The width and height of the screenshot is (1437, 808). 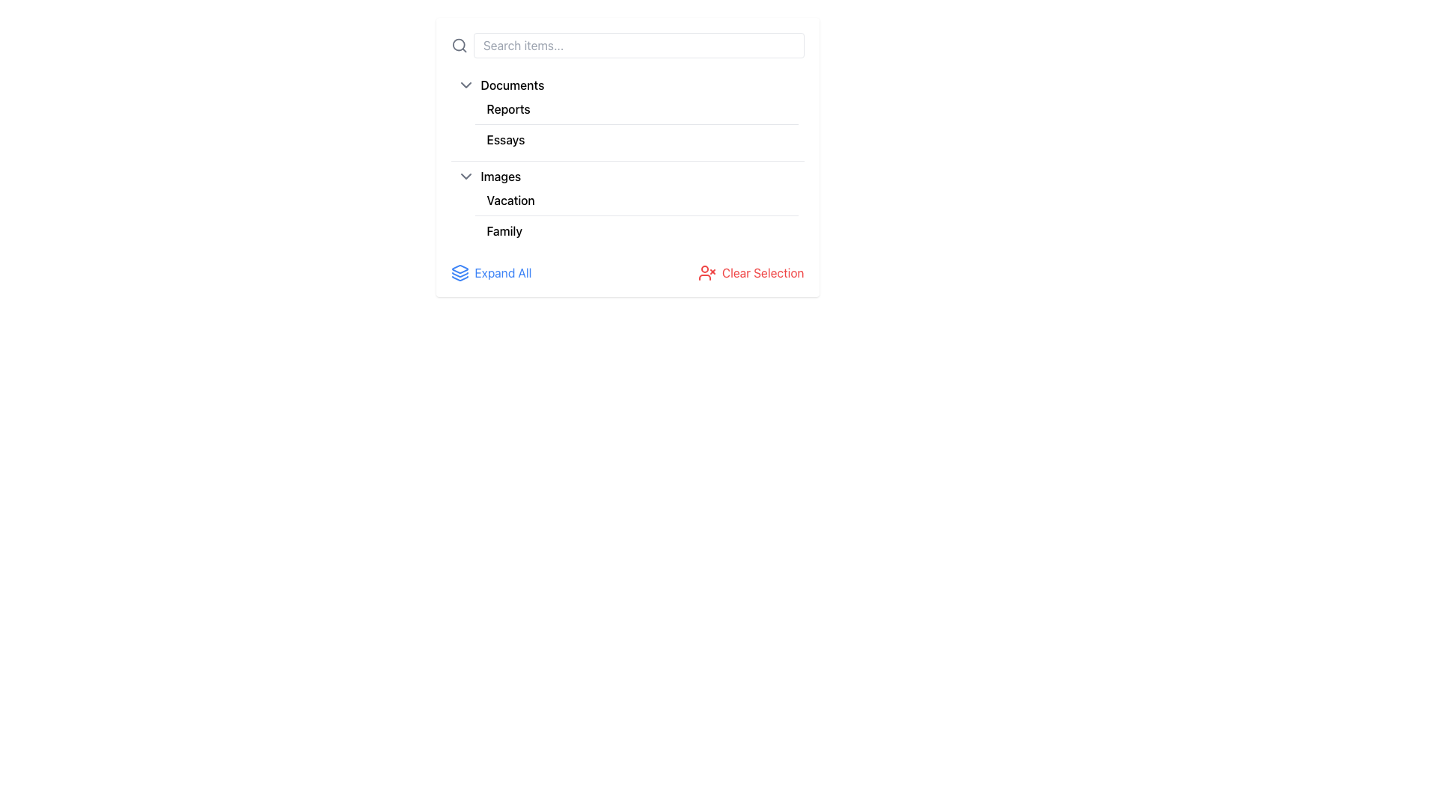 What do you see at coordinates (751, 273) in the screenshot?
I see `the 'Clear Selection' button located at the bottom-right of the control bar` at bounding box center [751, 273].